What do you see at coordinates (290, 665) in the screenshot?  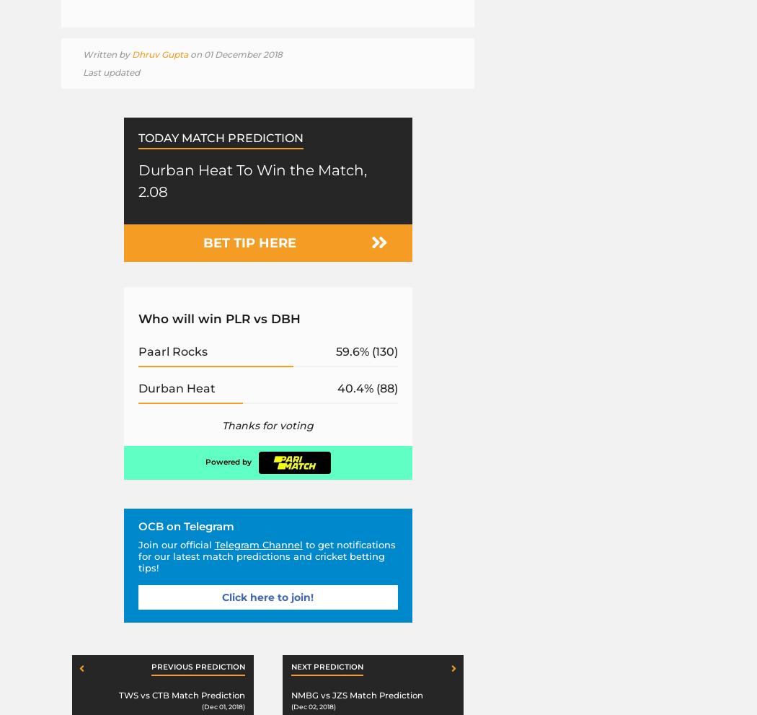 I see `'Next prediction'` at bounding box center [290, 665].